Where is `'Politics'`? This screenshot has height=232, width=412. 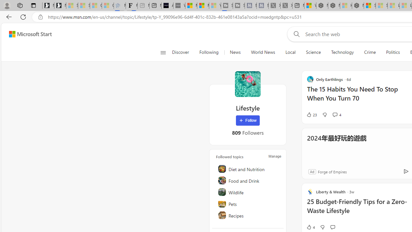 'Politics' is located at coordinates (393, 52).